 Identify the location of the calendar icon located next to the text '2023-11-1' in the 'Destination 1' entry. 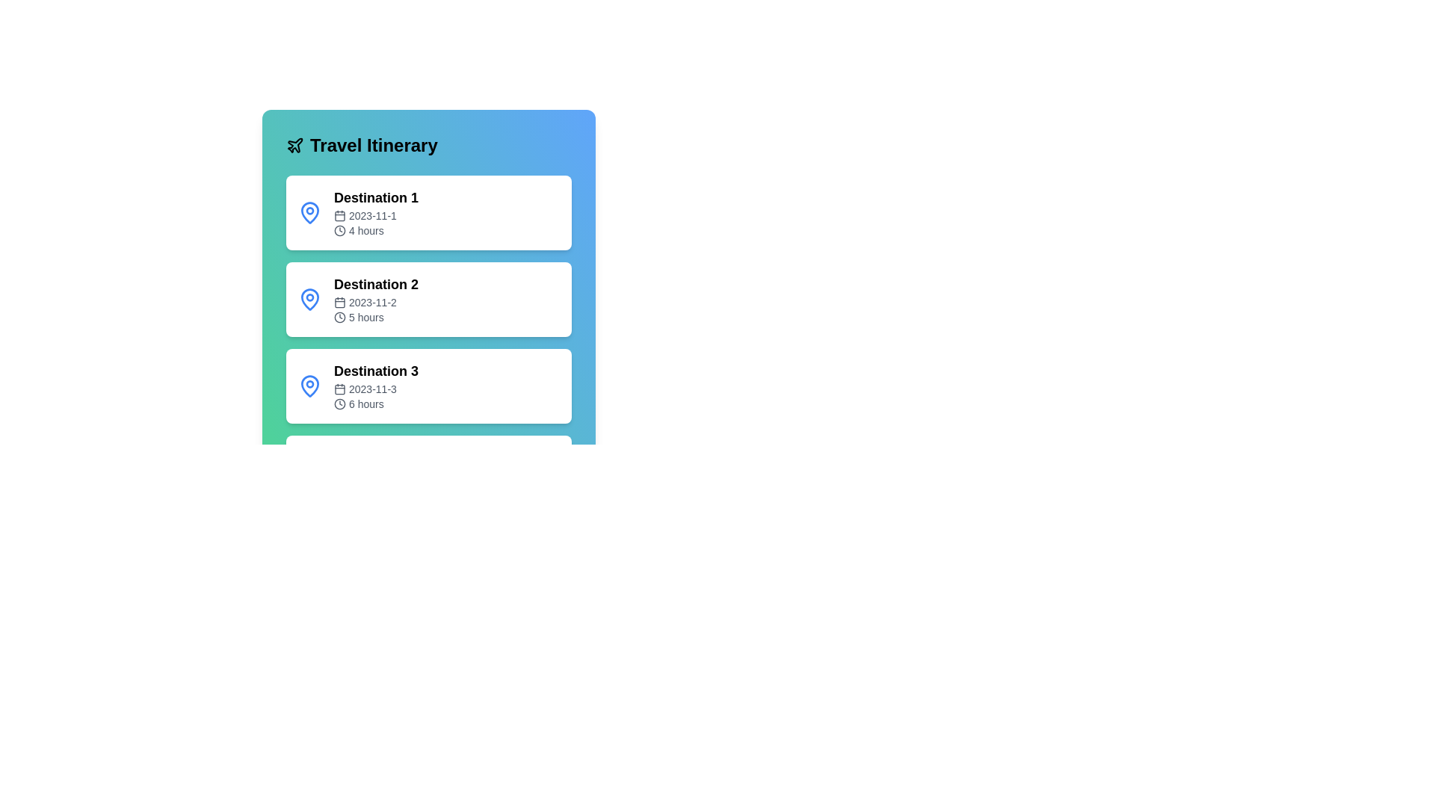
(339, 216).